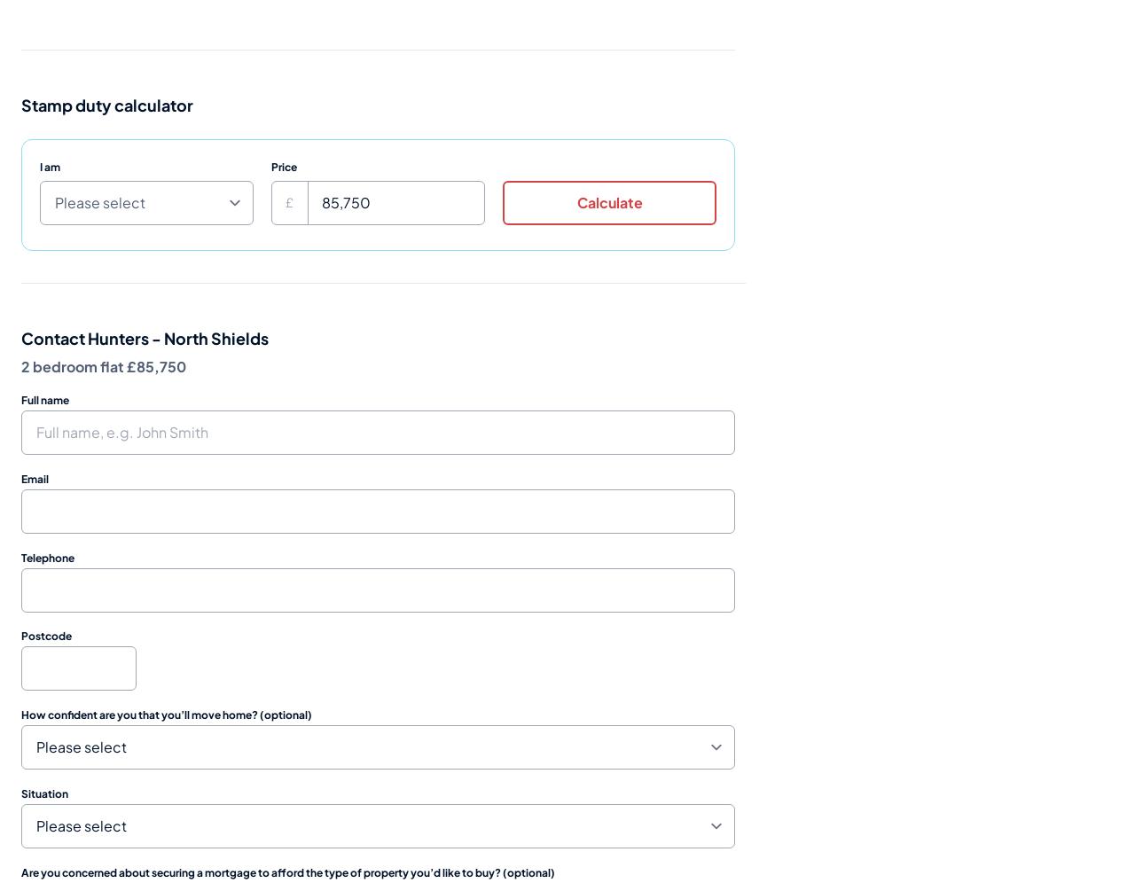  What do you see at coordinates (153, 104) in the screenshot?
I see `'calculator'` at bounding box center [153, 104].